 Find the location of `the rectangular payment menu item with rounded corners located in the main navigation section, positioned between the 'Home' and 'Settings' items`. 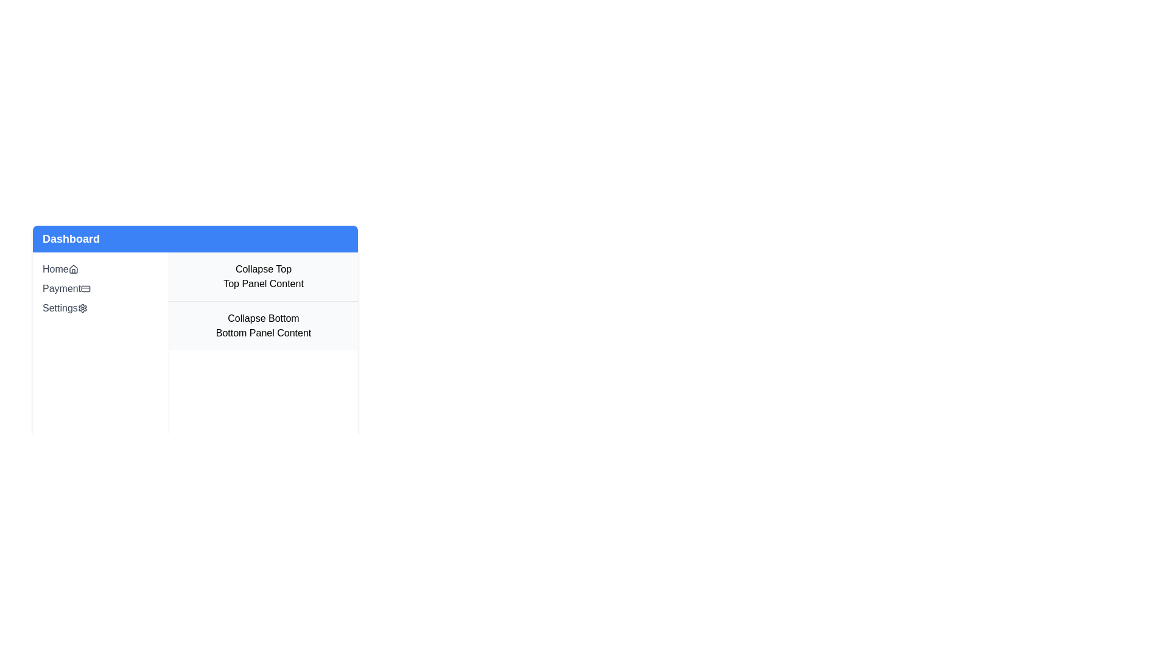

the rectangular payment menu item with rounded corners located in the main navigation section, positioned between the 'Home' and 'Settings' items is located at coordinates (85, 288).